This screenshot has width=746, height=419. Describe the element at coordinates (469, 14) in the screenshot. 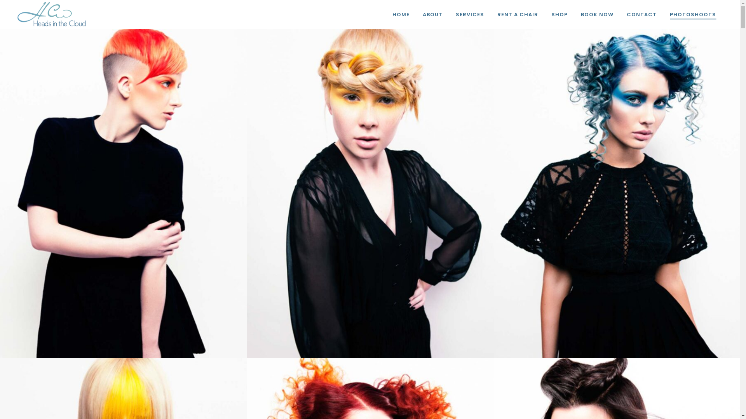

I see `'SERVICES'` at that location.